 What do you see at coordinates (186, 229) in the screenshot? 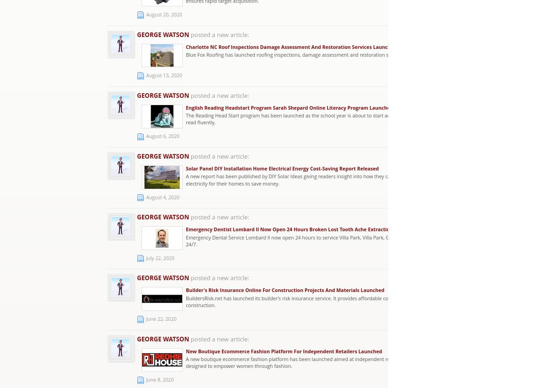
I see `'Emergency Dentist Lombard Il Now Open 24 Hours Broken Lost Tooth Ache Extraction'` at bounding box center [186, 229].